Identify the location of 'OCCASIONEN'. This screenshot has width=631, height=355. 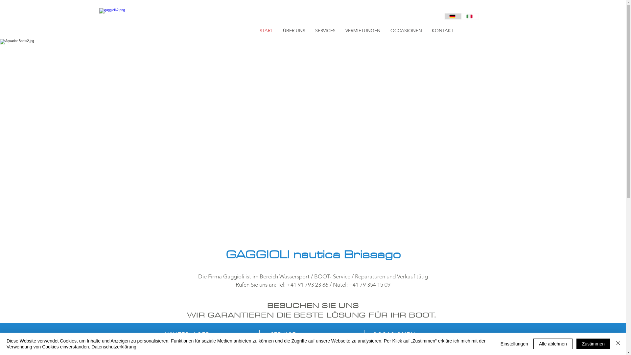
(405, 30).